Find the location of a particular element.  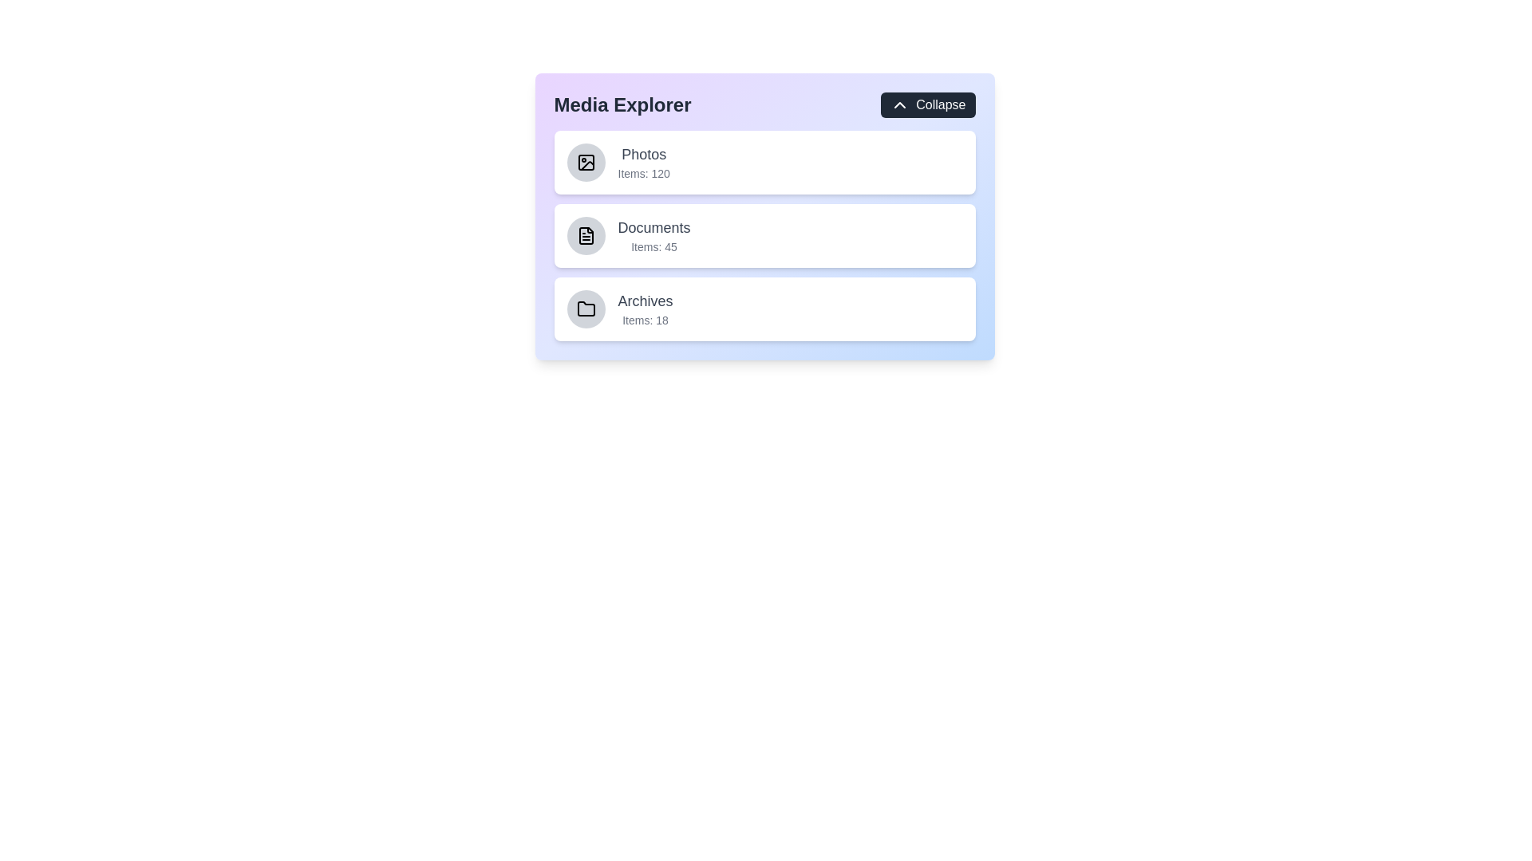

the icon representing the Documents category is located at coordinates (585, 236).